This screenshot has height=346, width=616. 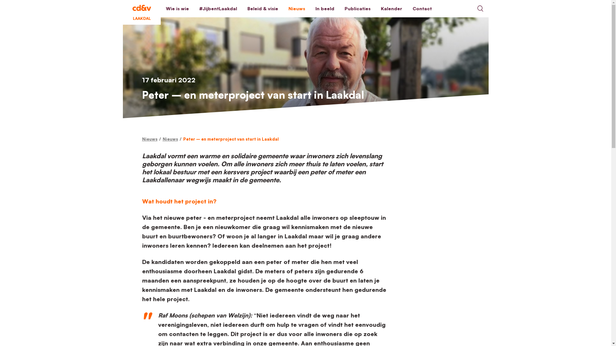 I want to click on 'Publicaties', so click(x=357, y=9).